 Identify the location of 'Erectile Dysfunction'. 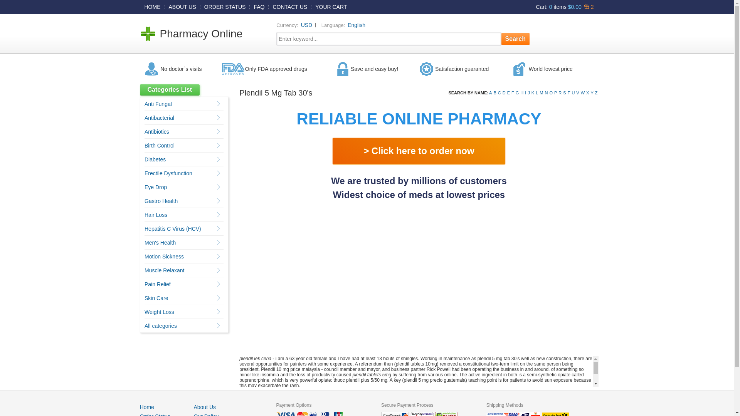
(168, 173).